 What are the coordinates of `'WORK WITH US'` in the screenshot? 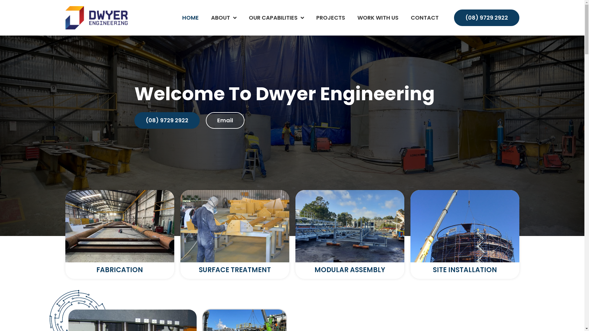 It's located at (377, 17).